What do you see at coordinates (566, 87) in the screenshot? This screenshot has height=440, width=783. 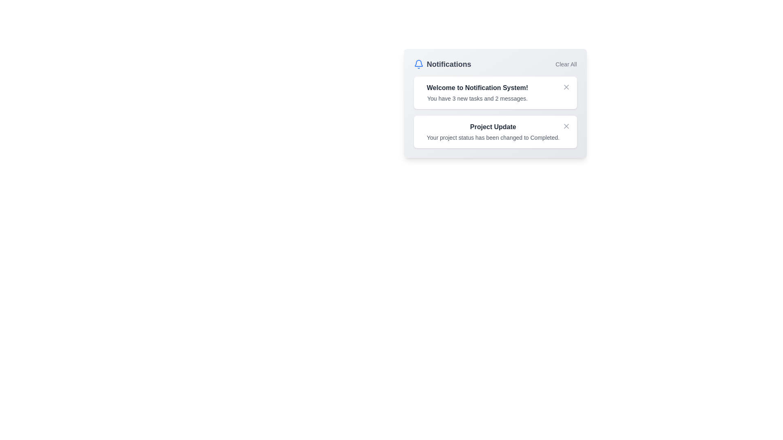 I see `the close icon button (shaped like an 'X') in the top-right corner of the notification item` at bounding box center [566, 87].